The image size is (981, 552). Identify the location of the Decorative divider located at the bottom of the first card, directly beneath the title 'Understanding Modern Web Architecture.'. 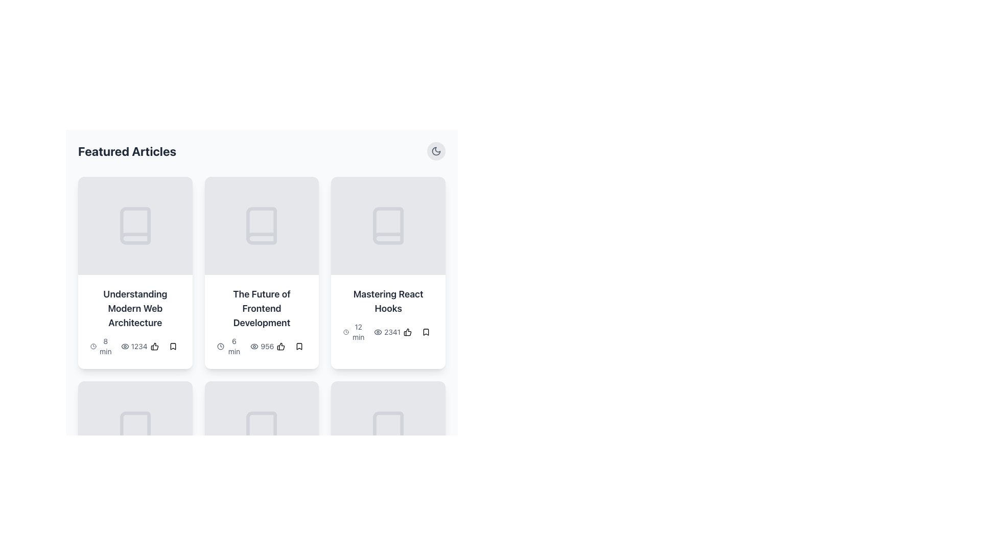
(134, 273).